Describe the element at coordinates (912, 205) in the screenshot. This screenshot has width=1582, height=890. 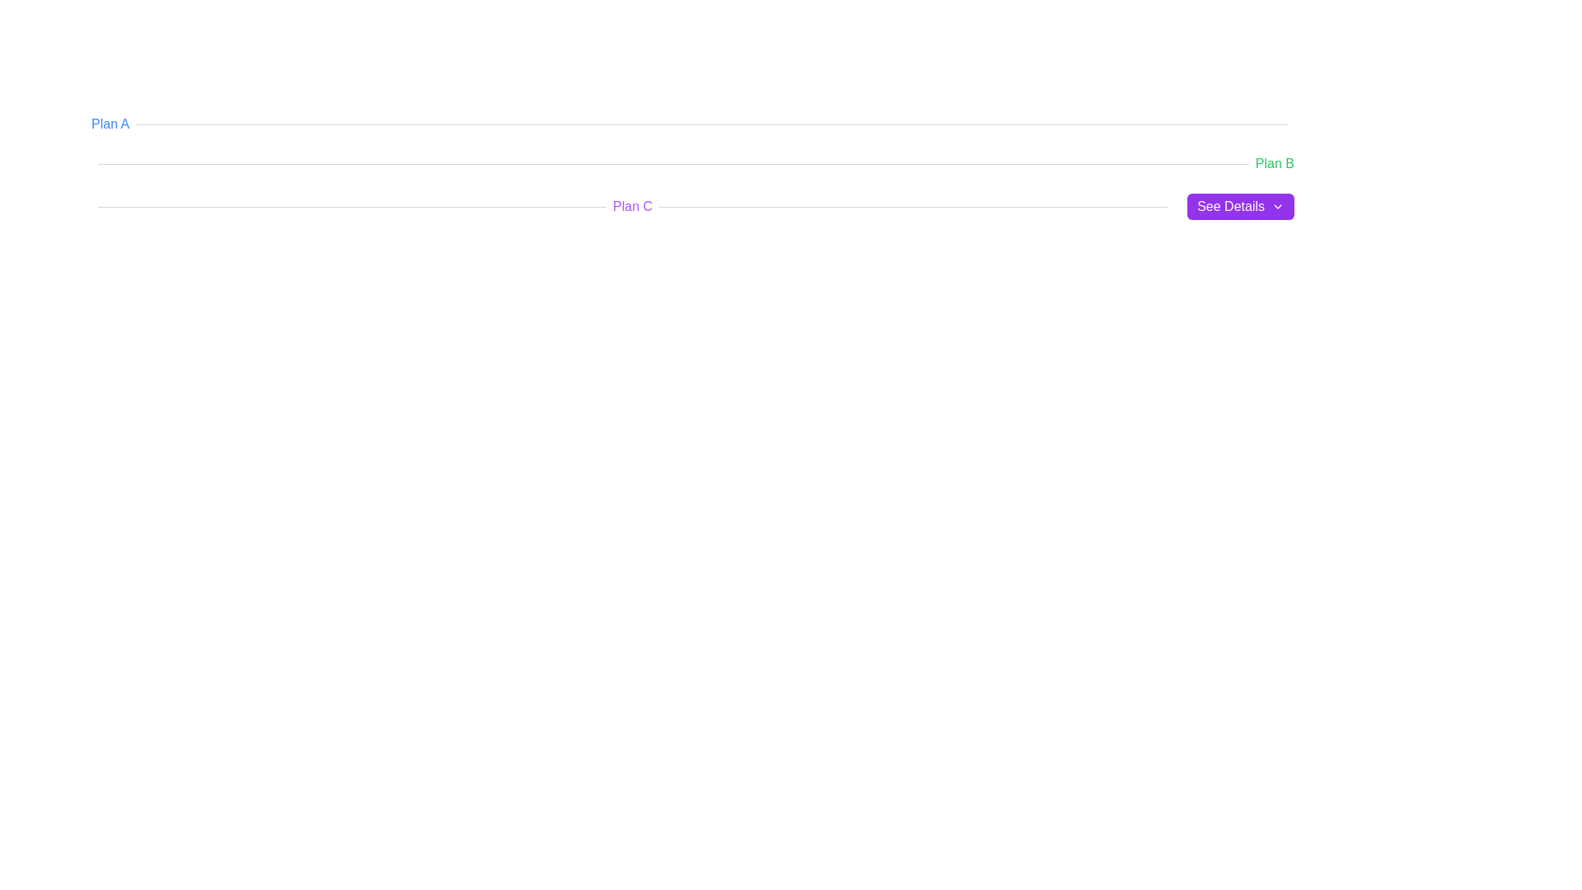
I see `the decorative horizontal rule positioned under the 'Plan C' section and to the left of the 'See Details' button` at that location.